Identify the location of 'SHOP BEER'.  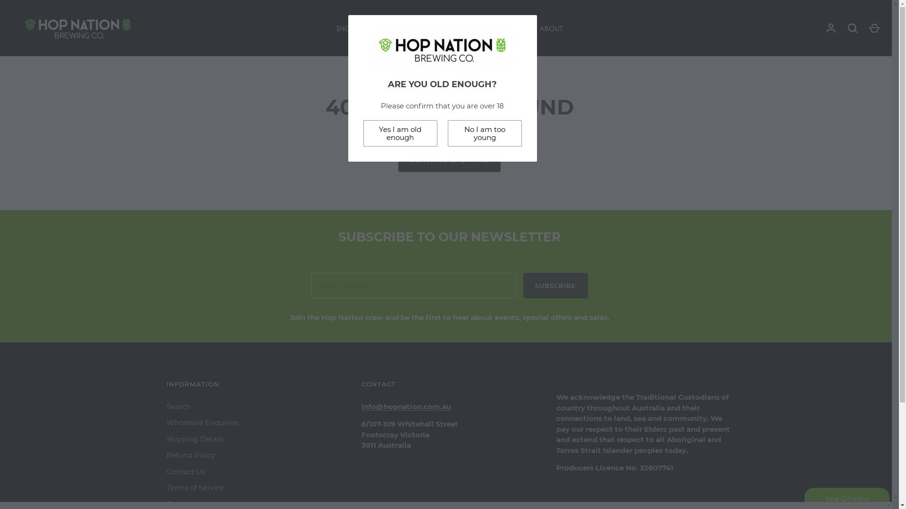
(353, 28).